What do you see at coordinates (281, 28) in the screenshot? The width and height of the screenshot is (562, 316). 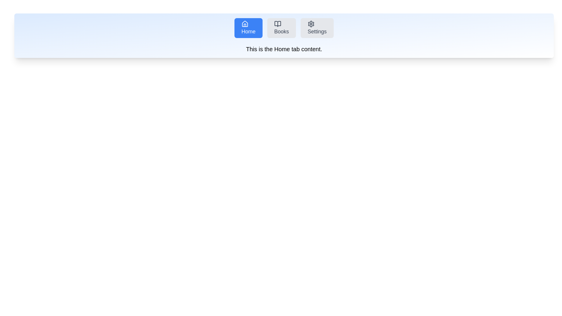 I see `the Books tab to switch to it` at bounding box center [281, 28].